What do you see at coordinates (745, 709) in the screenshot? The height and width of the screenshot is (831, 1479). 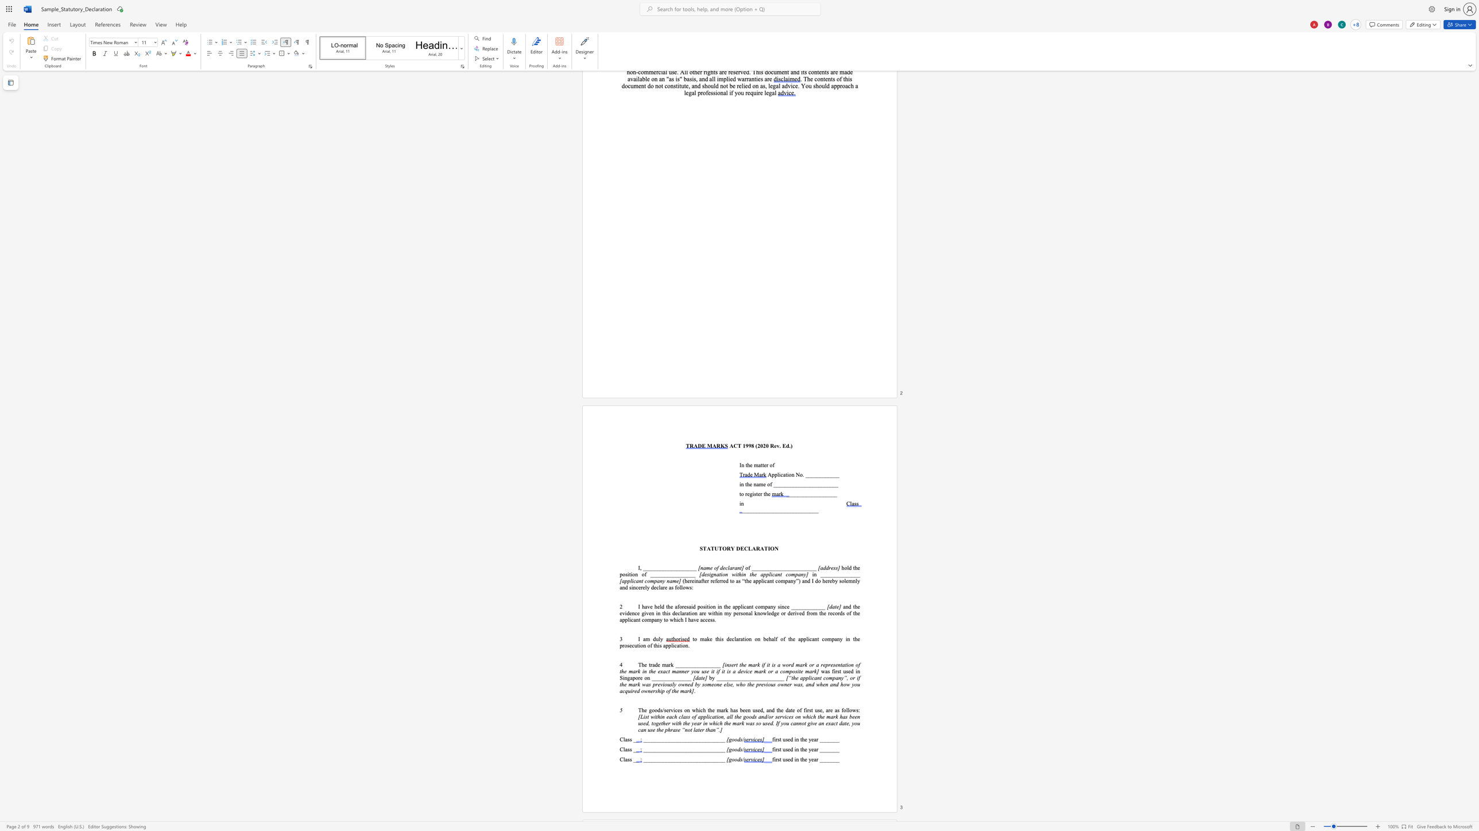 I see `the space between the continuous character "e" and "e" in the text` at bounding box center [745, 709].